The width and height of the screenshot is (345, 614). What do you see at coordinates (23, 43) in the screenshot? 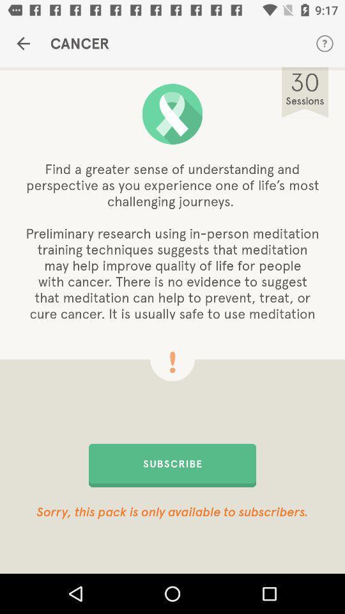
I see `the item next to cancer item` at bounding box center [23, 43].